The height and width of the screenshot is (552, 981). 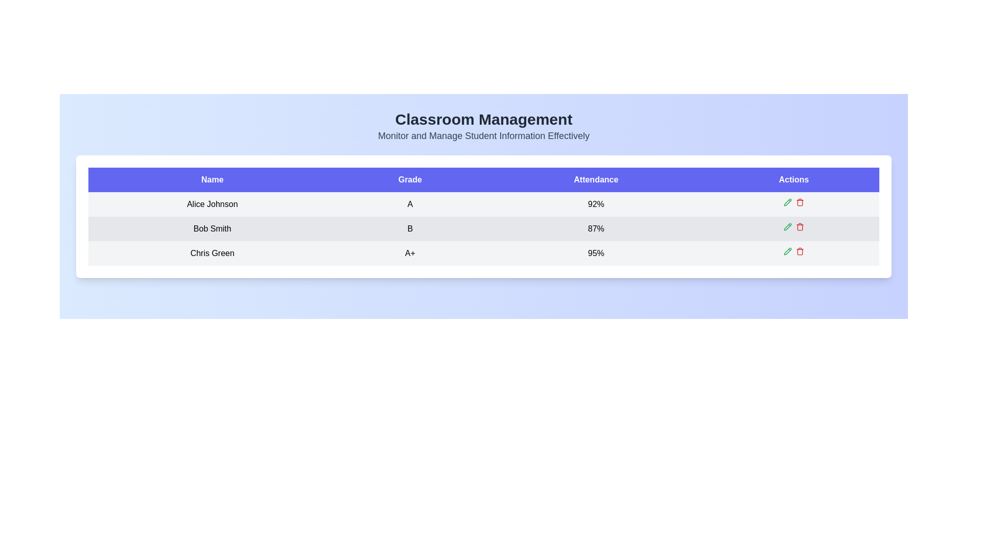 What do you see at coordinates (596, 204) in the screenshot?
I see `the text '92%' displayed in bold black font under the 'Attendance' column, which is part of the row for 'Alice Johnson'` at bounding box center [596, 204].